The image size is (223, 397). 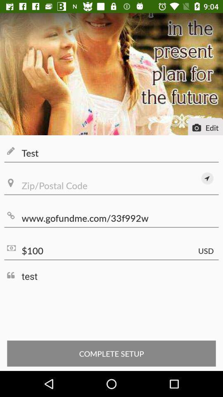 What do you see at coordinates (111, 250) in the screenshot?
I see `the $100 icon` at bounding box center [111, 250].